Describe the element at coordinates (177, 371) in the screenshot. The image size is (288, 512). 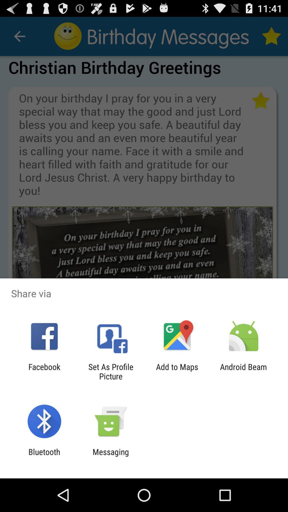
I see `the icon next to the android beam app` at that location.